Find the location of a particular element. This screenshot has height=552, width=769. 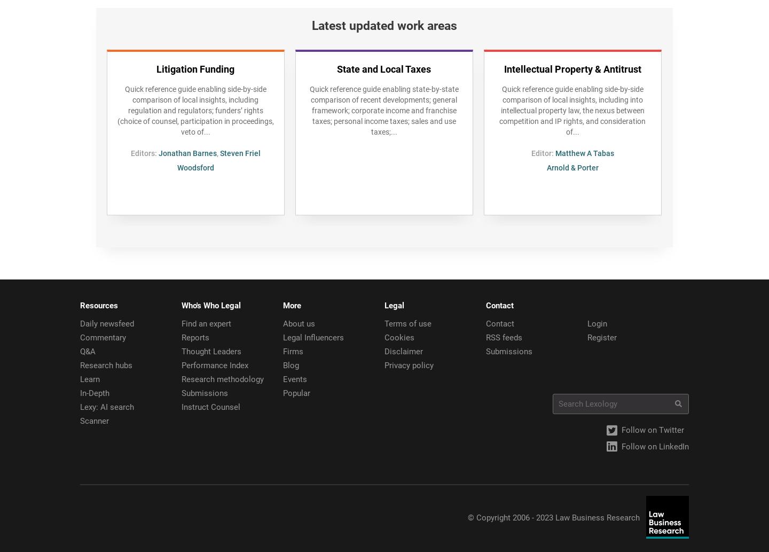

'Privacy policy' is located at coordinates (408, 364).